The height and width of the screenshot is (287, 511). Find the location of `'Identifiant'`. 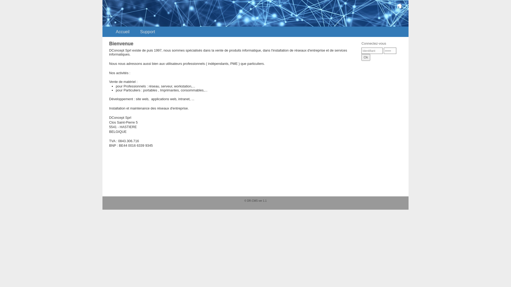

'Identifiant' is located at coordinates (372, 51).